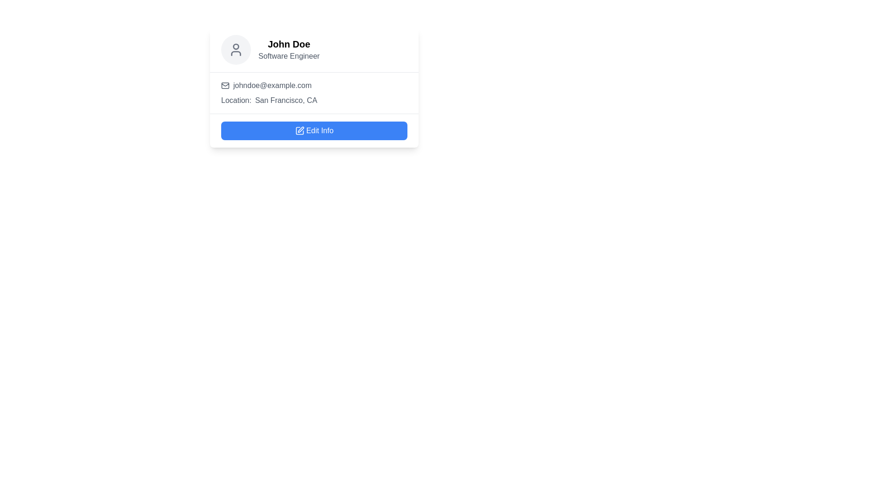  What do you see at coordinates (236, 101) in the screenshot?
I see `the text label that reads 'Location:' which is styled in gray and positioned above the 'Edit Info' button` at bounding box center [236, 101].